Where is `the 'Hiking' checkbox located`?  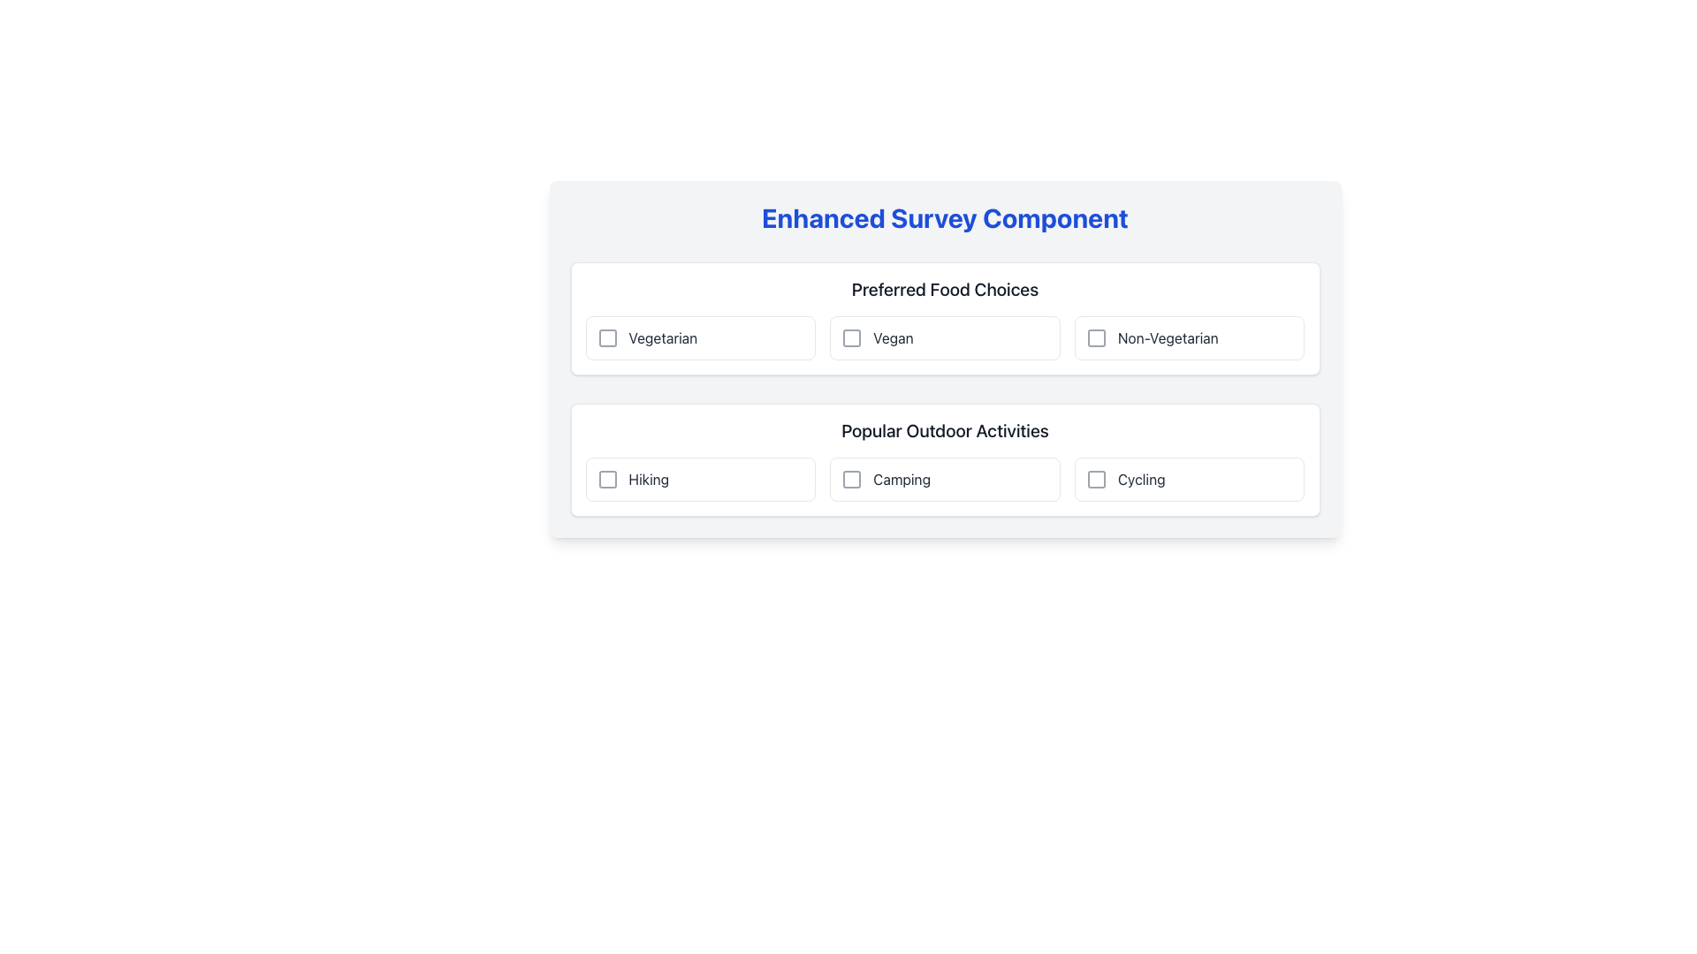
the 'Hiking' checkbox located is located at coordinates (699, 480).